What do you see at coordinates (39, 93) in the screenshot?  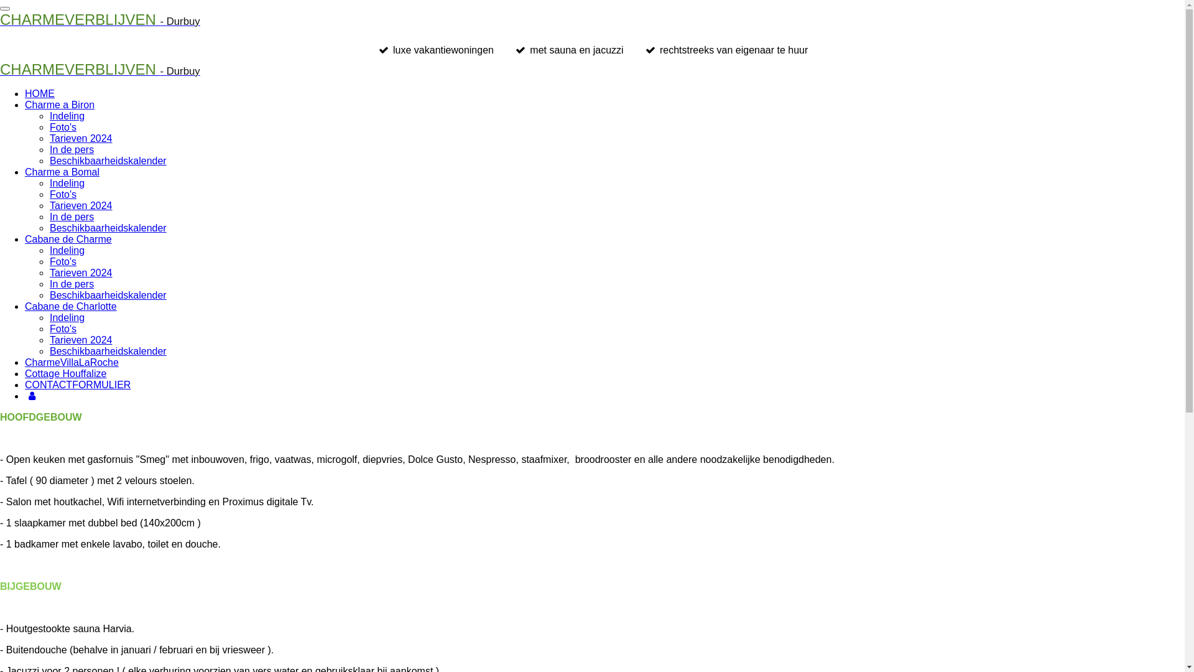 I see `'HOME'` at bounding box center [39, 93].